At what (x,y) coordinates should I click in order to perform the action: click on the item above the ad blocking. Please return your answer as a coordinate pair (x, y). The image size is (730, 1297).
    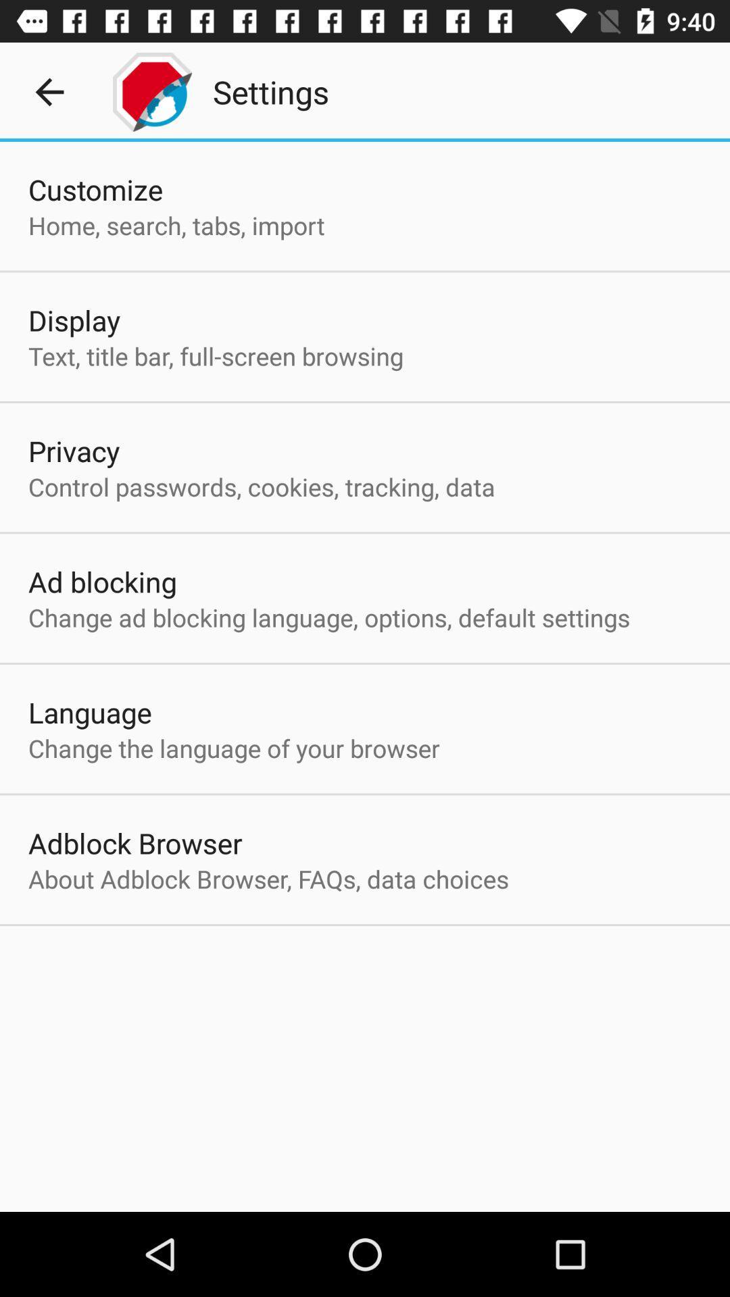
    Looking at the image, I should click on (262, 486).